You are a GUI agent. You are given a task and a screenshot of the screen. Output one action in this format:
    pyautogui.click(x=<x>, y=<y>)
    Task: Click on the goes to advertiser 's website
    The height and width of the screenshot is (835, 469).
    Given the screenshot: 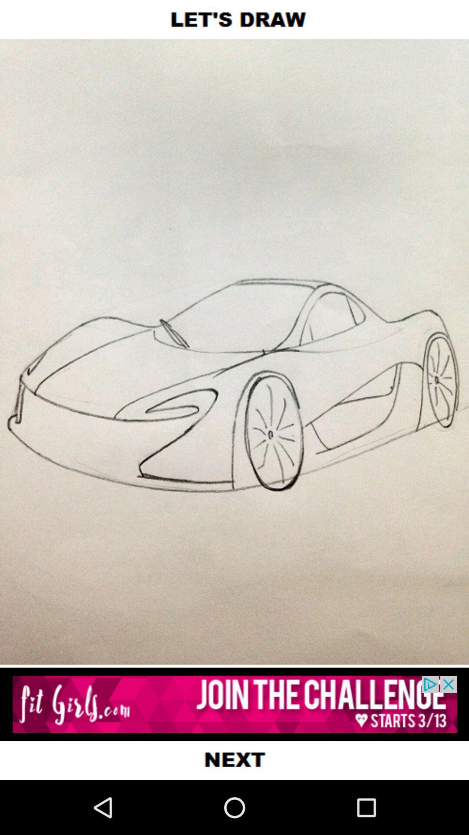 What is the action you would take?
    pyautogui.click(x=234, y=704)
    